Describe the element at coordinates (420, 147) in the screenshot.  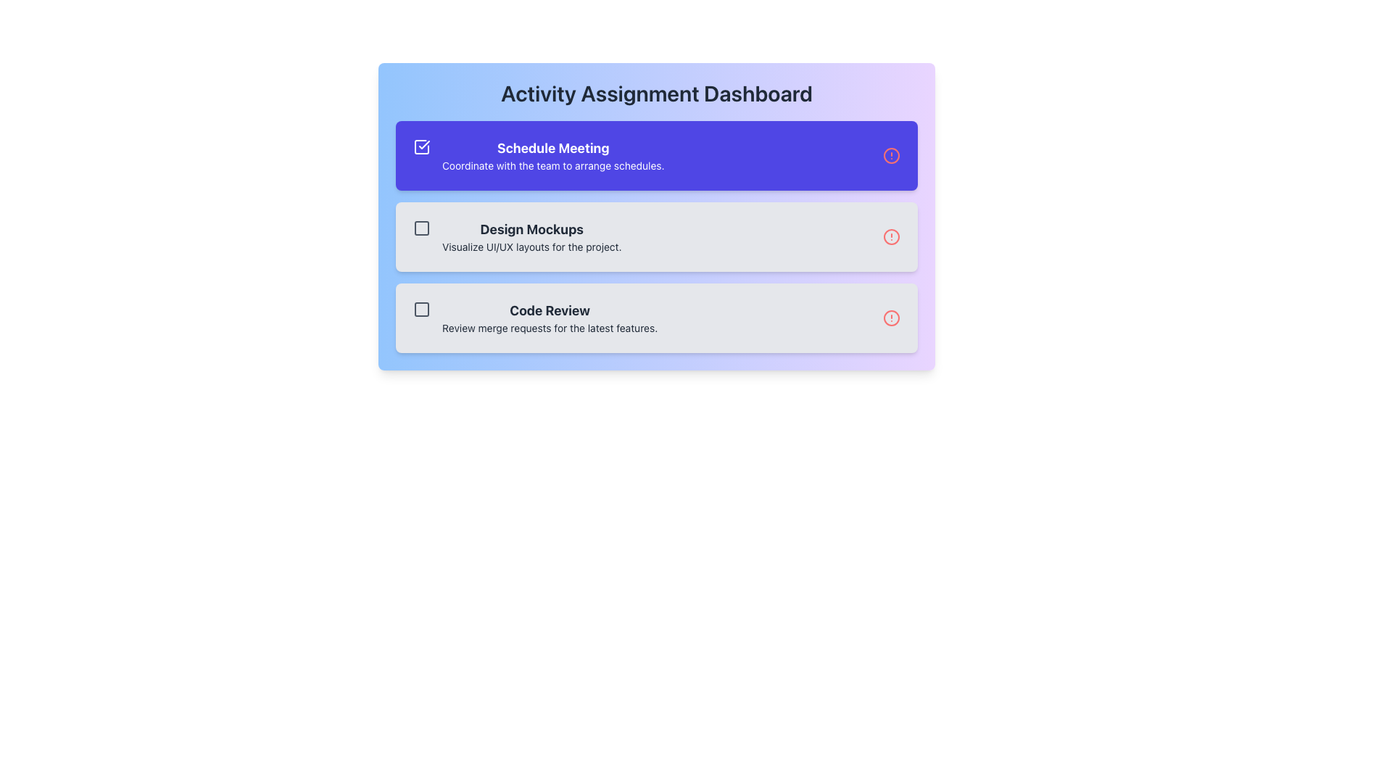
I see `the Checkbox styled as an icon located at the top-left corner of the 'Schedule Meeting' card` at that location.